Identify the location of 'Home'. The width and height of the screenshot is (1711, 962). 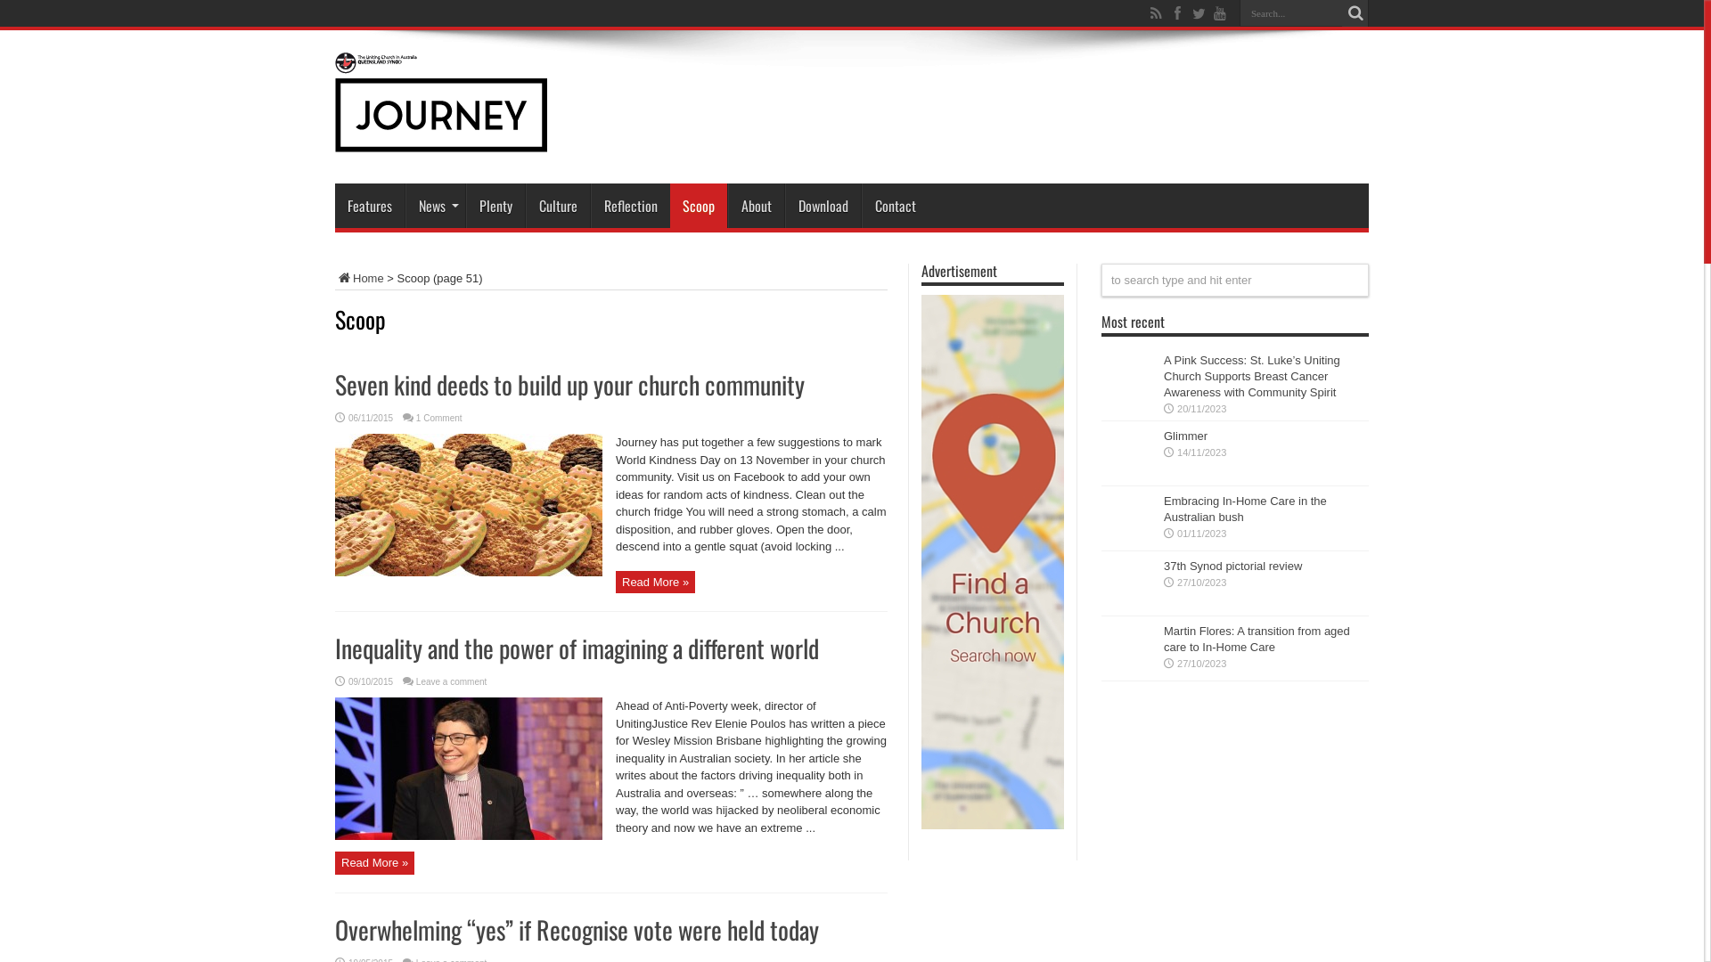
(358, 278).